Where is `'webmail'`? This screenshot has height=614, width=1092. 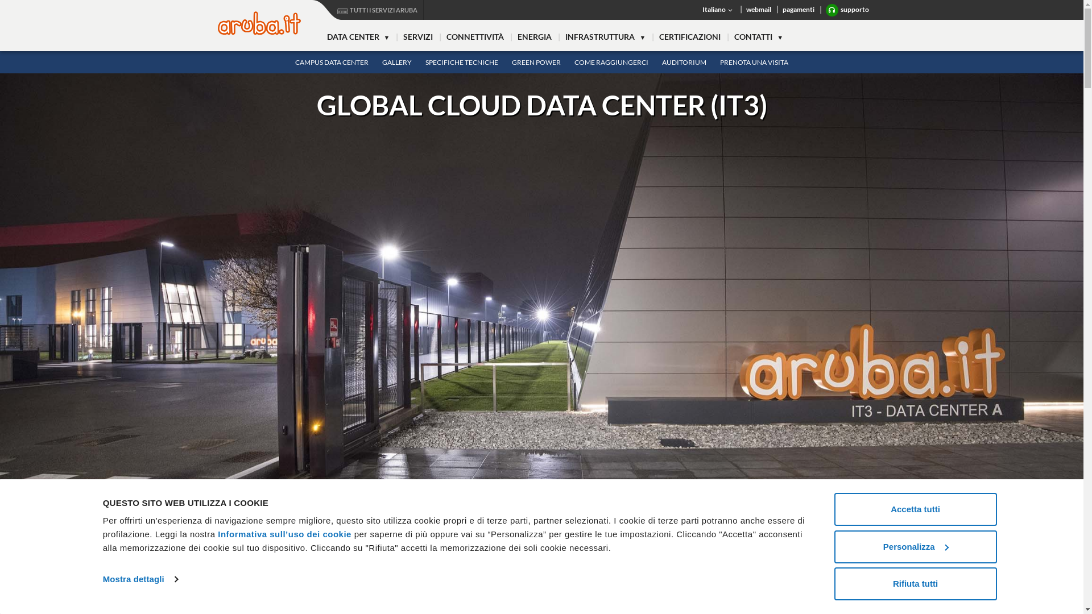
'webmail' is located at coordinates (759, 9).